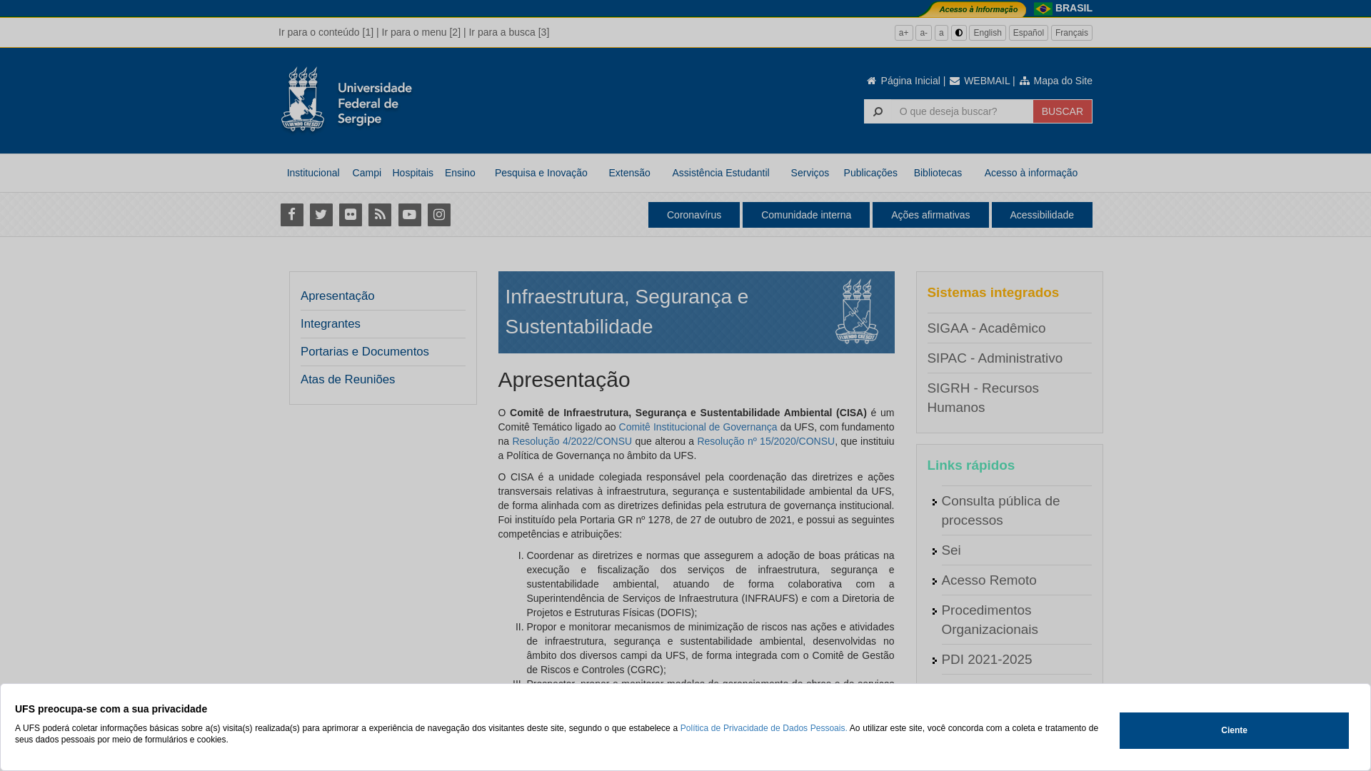 The image size is (1371, 771). What do you see at coordinates (300, 352) in the screenshot?
I see `'Portarias e Documentos'` at bounding box center [300, 352].